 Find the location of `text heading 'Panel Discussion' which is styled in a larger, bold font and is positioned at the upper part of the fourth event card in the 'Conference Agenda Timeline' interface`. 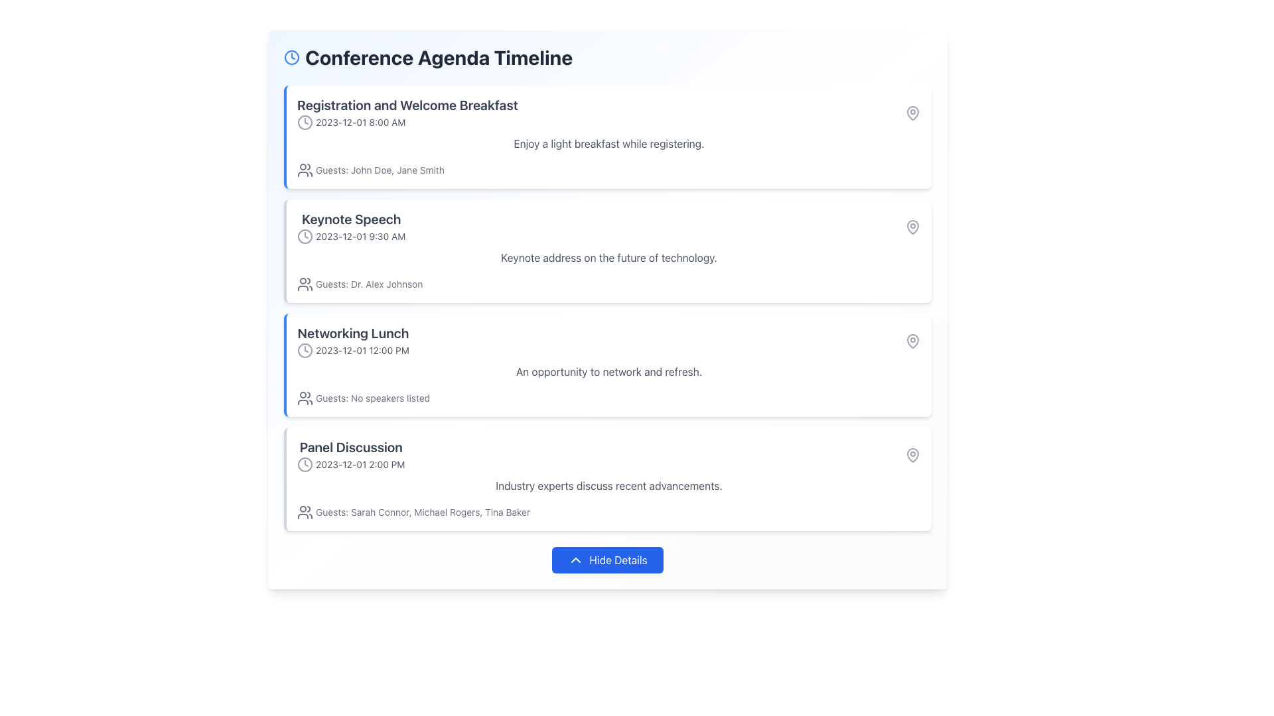

text heading 'Panel Discussion' which is styled in a larger, bold font and is positioned at the upper part of the fourth event card in the 'Conference Agenda Timeline' interface is located at coordinates (351, 447).